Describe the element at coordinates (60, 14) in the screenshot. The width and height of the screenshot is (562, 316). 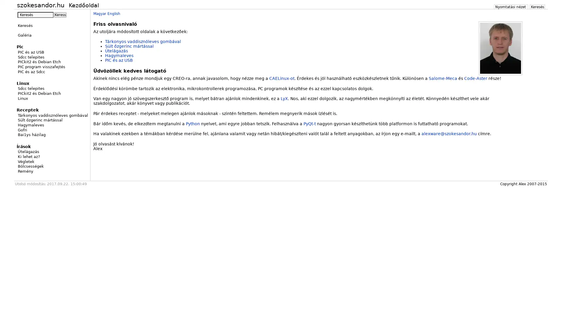
I see `Keress` at that location.